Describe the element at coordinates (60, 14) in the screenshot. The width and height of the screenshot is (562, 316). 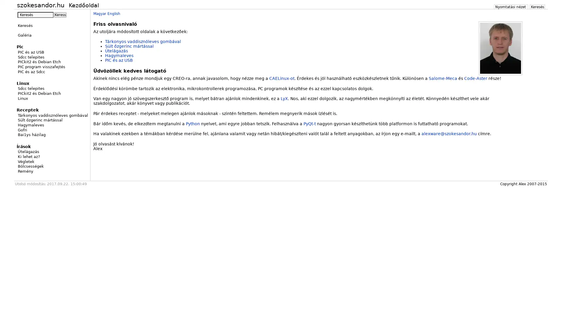
I see `Keress` at that location.